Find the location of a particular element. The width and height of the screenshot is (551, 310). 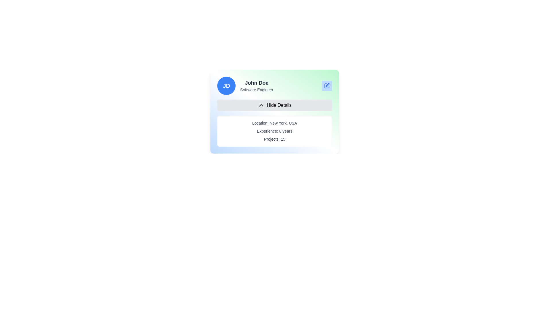

the SVG Icon in the top-right corner of the profile card is located at coordinates (327, 86).